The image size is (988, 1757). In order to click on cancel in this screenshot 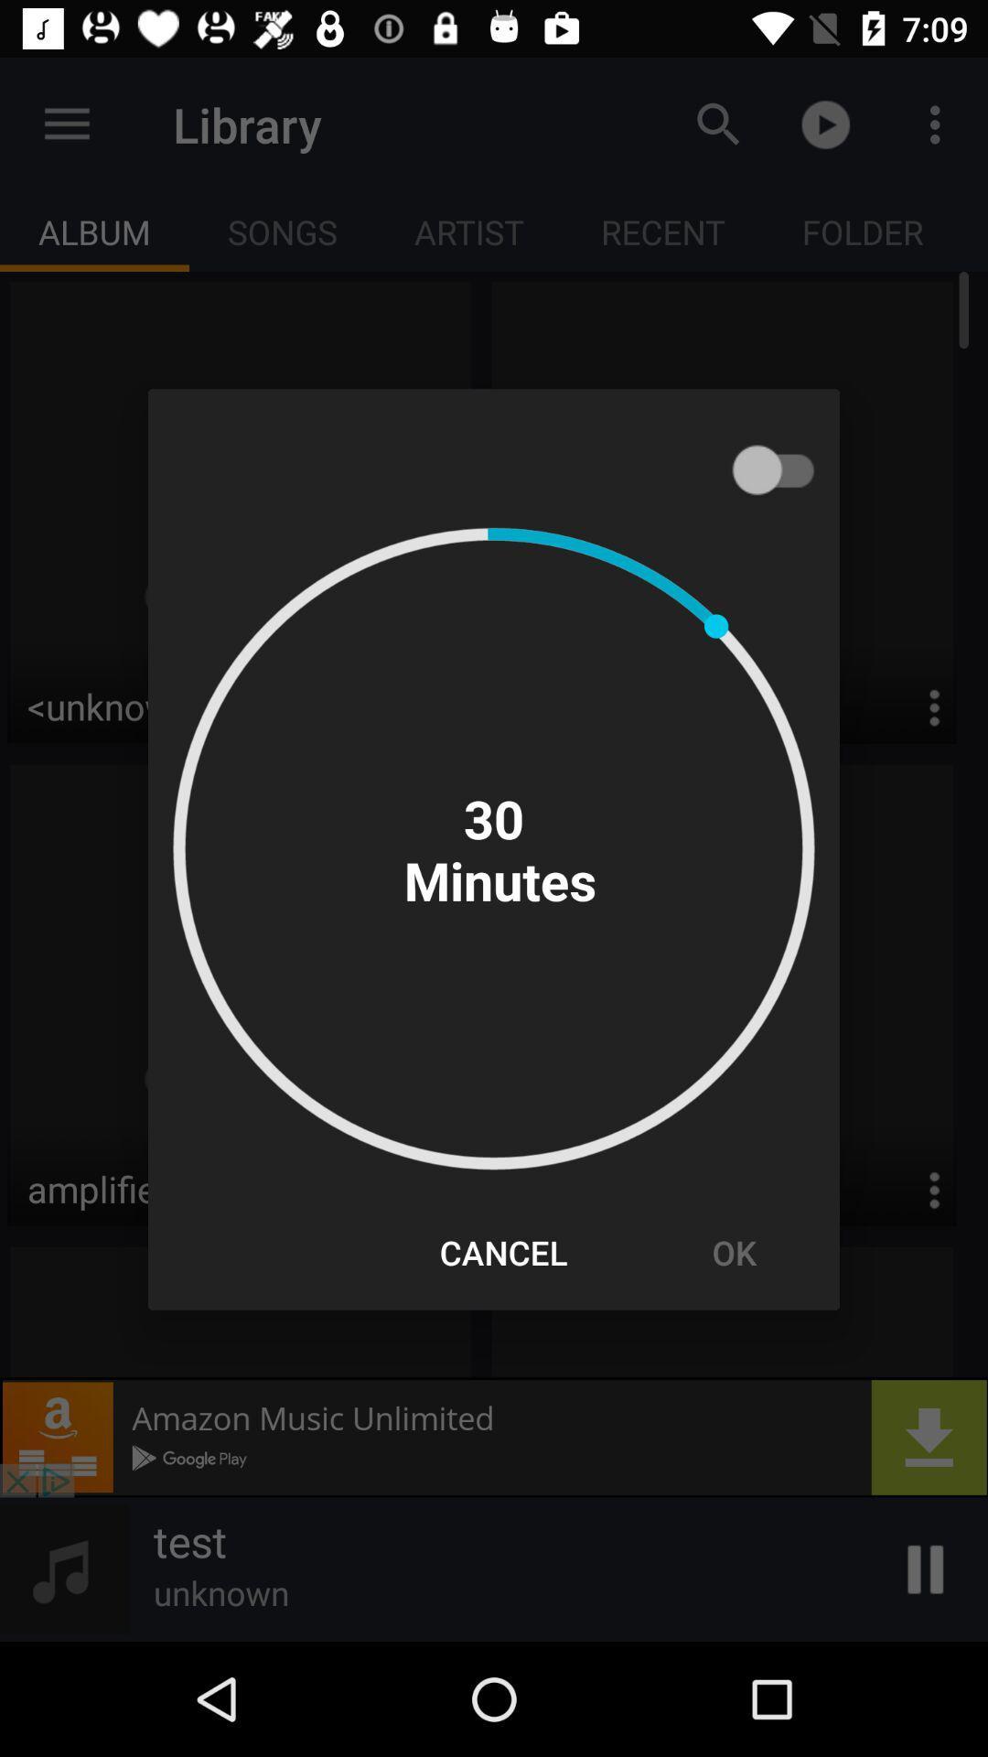, I will do `click(503, 1251)`.